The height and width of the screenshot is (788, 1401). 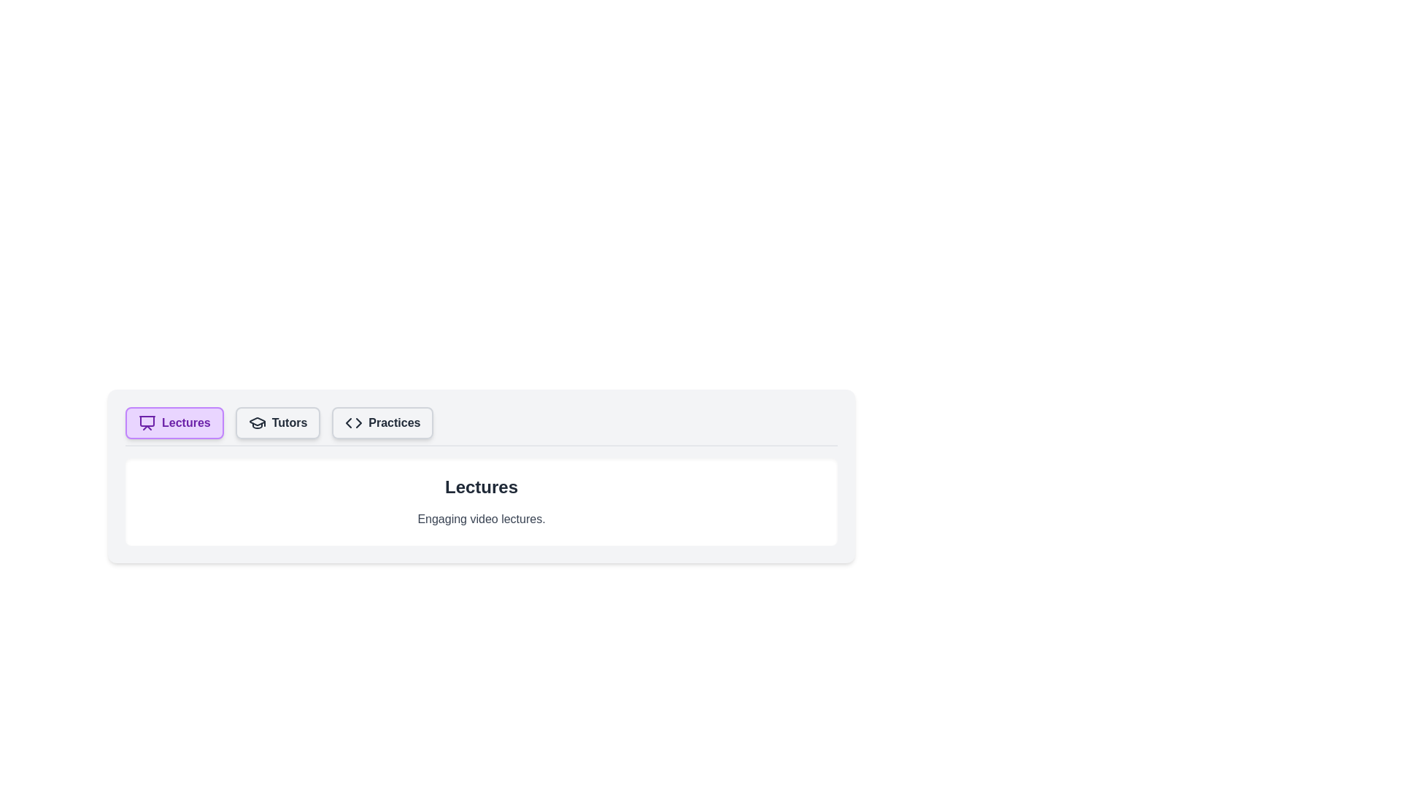 What do you see at coordinates (482, 519) in the screenshot?
I see `the text content area displaying 'Engaging video lectures.' located directly beneath the 'Lectures' heading in the main content area of the 'Lectures' tab` at bounding box center [482, 519].